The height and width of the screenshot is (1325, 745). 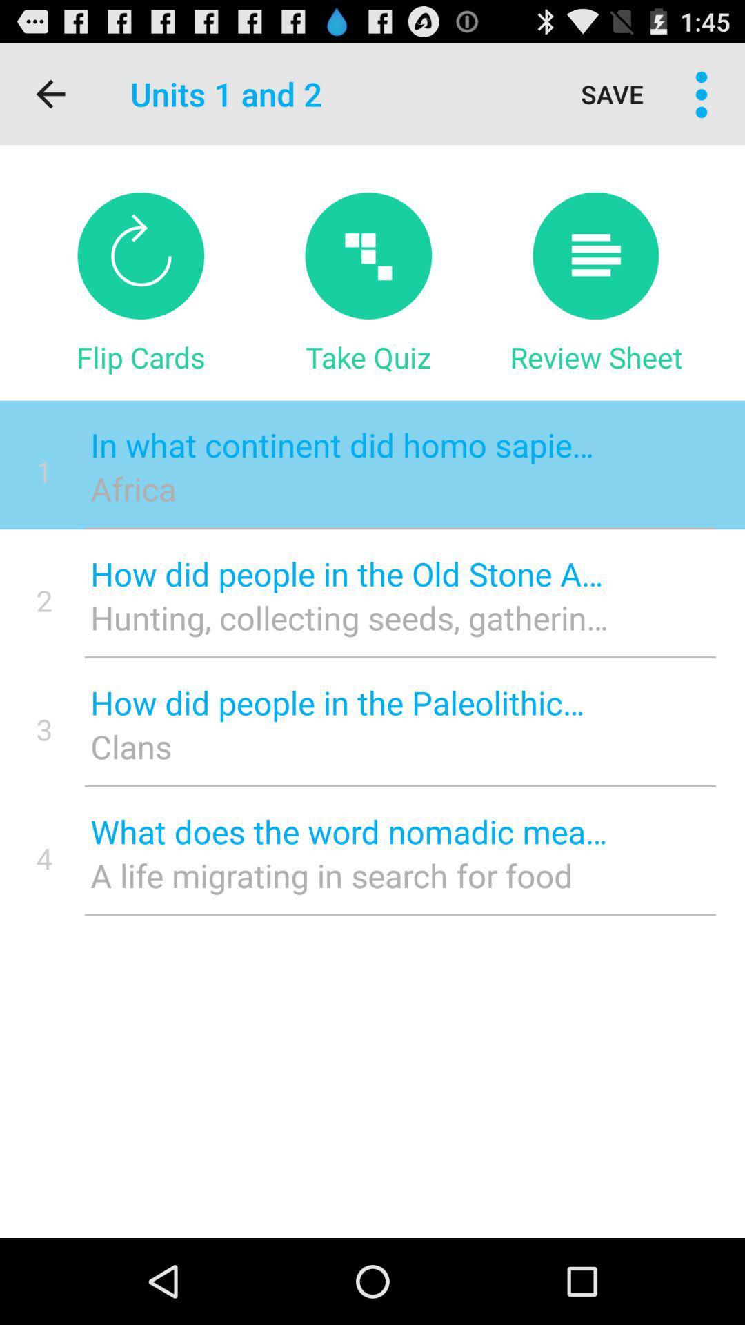 I want to click on take quiz, so click(x=368, y=255).